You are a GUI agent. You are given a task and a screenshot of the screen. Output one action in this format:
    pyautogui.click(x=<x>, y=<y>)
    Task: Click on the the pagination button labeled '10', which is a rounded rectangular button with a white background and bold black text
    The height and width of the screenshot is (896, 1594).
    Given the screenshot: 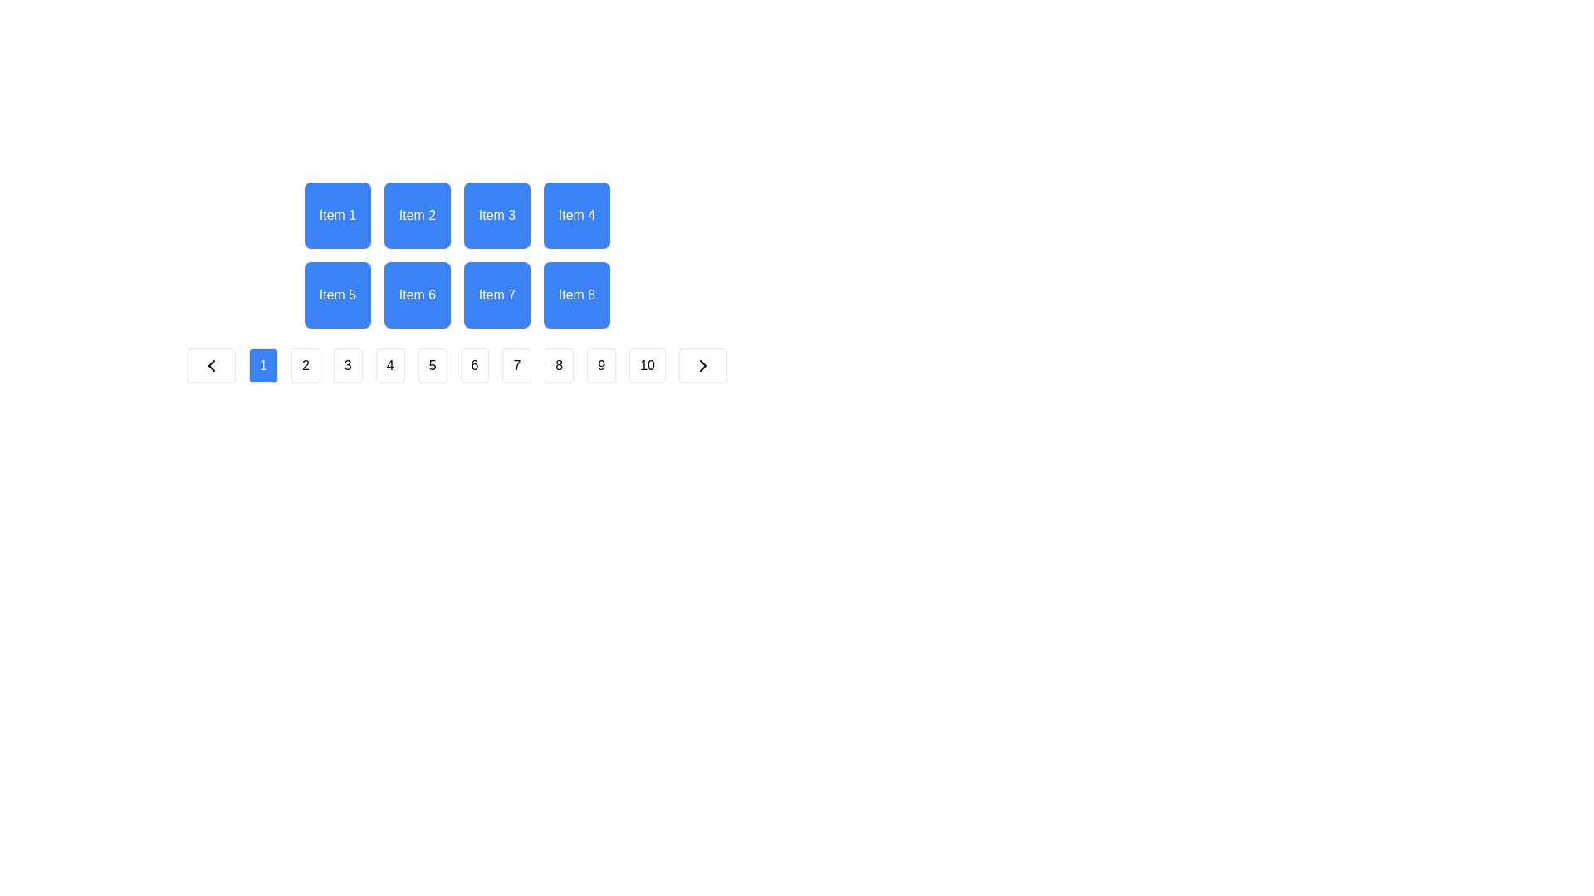 What is the action you would take?
    pyautogui.click(x=647, y=364)
    